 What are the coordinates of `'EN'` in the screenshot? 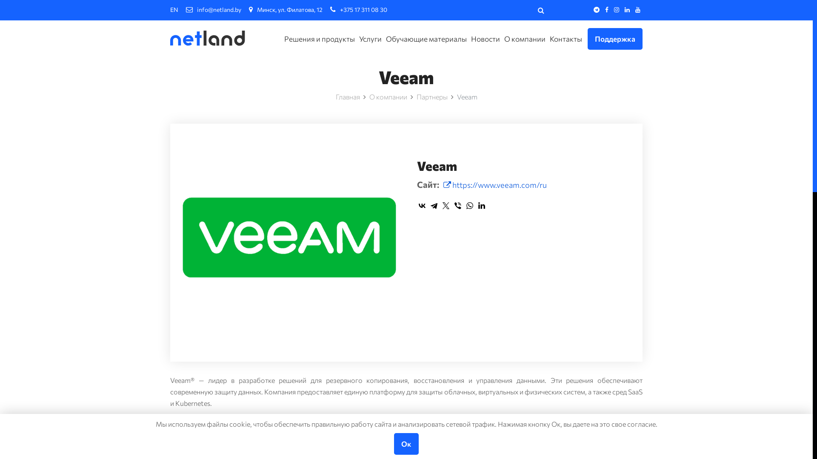 It's located at (170, 9).